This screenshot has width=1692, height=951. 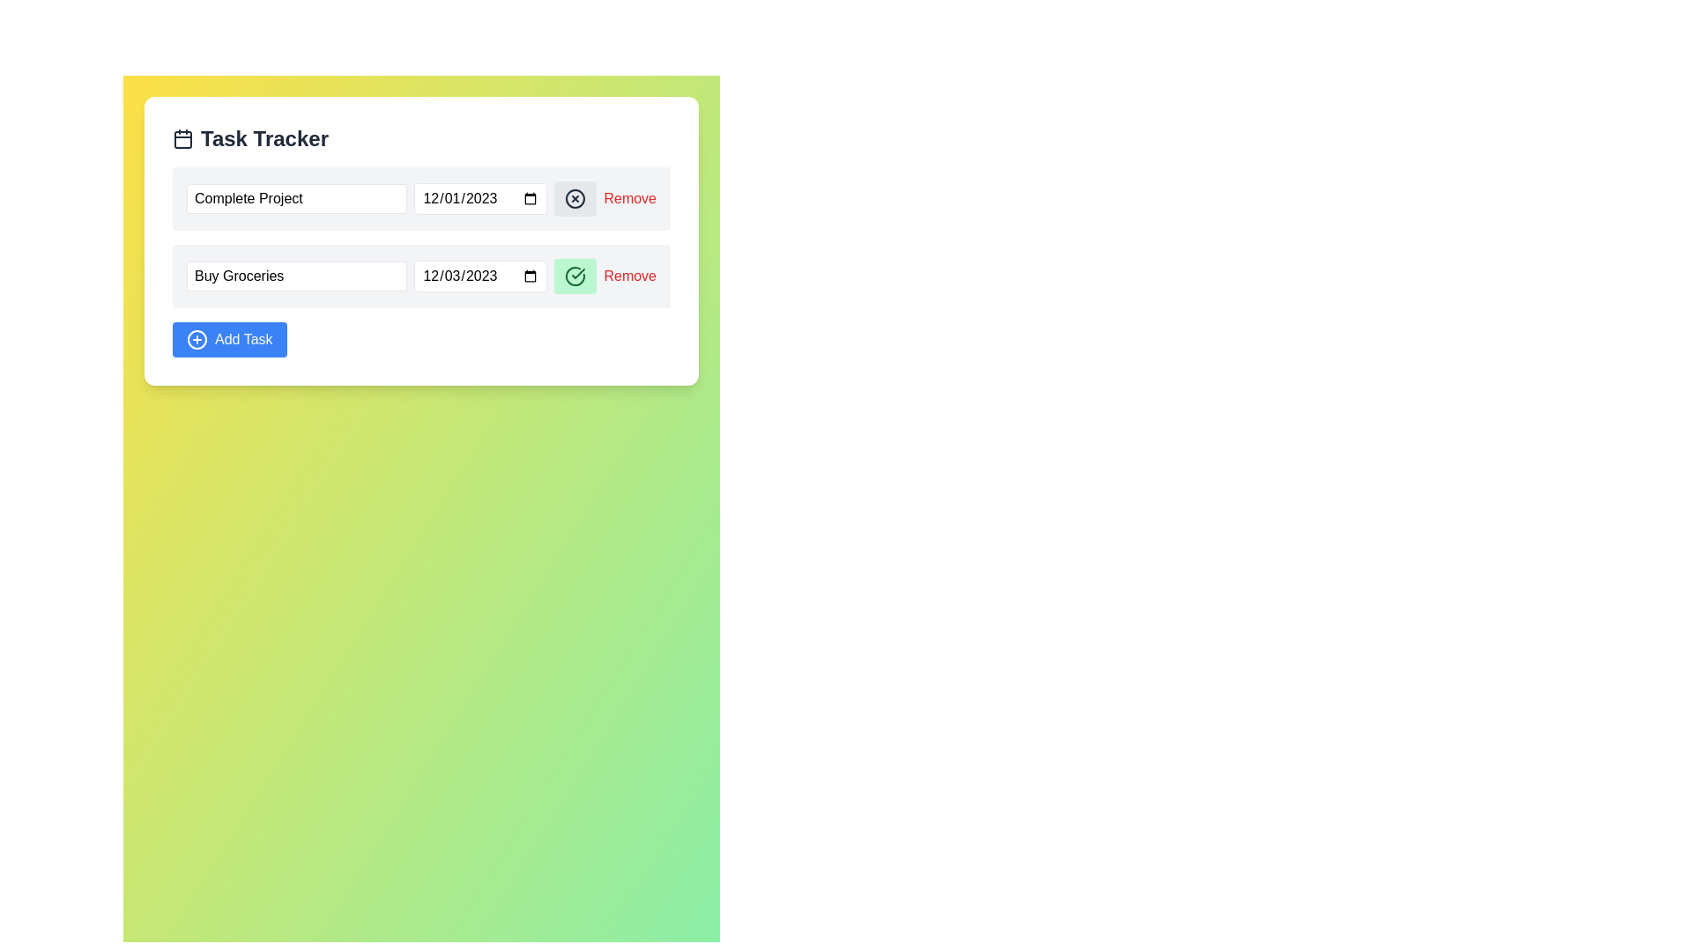 What do you see at coordinates (228, 339) in the screenshot?
I see `the blue button with rounded corners labeled 'Add Task'` at bounding box center [228, 339].